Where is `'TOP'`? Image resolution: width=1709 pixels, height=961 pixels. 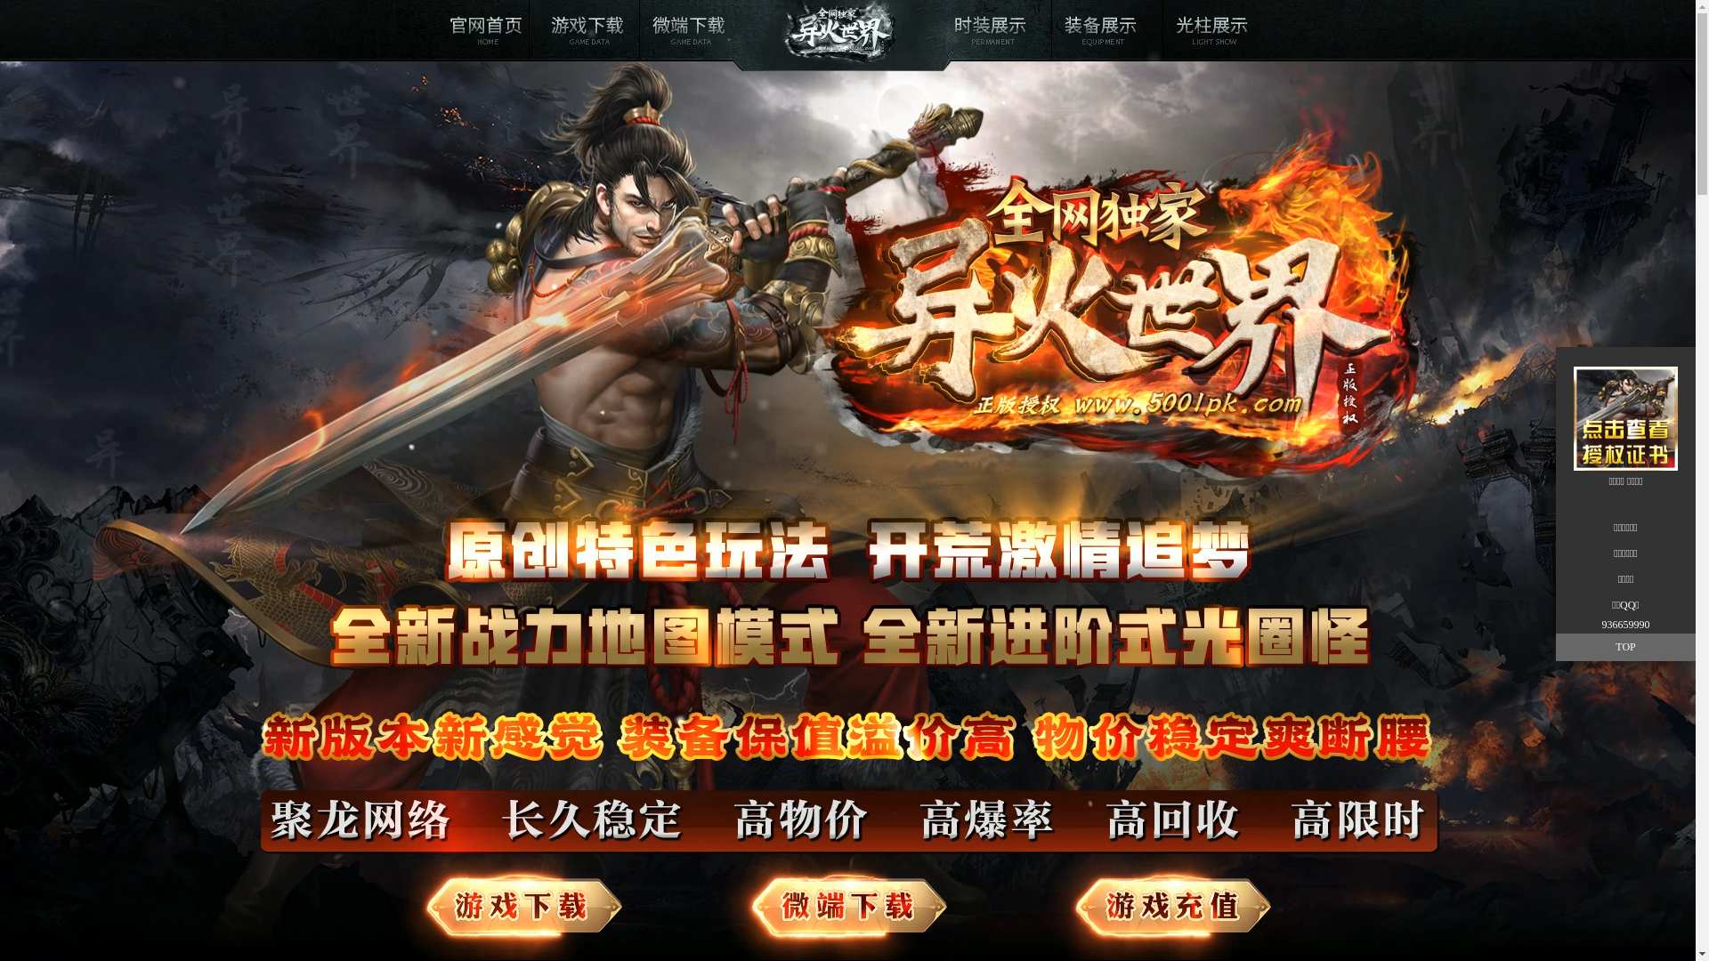 'TOP' is located at coordinates (1554, 647).